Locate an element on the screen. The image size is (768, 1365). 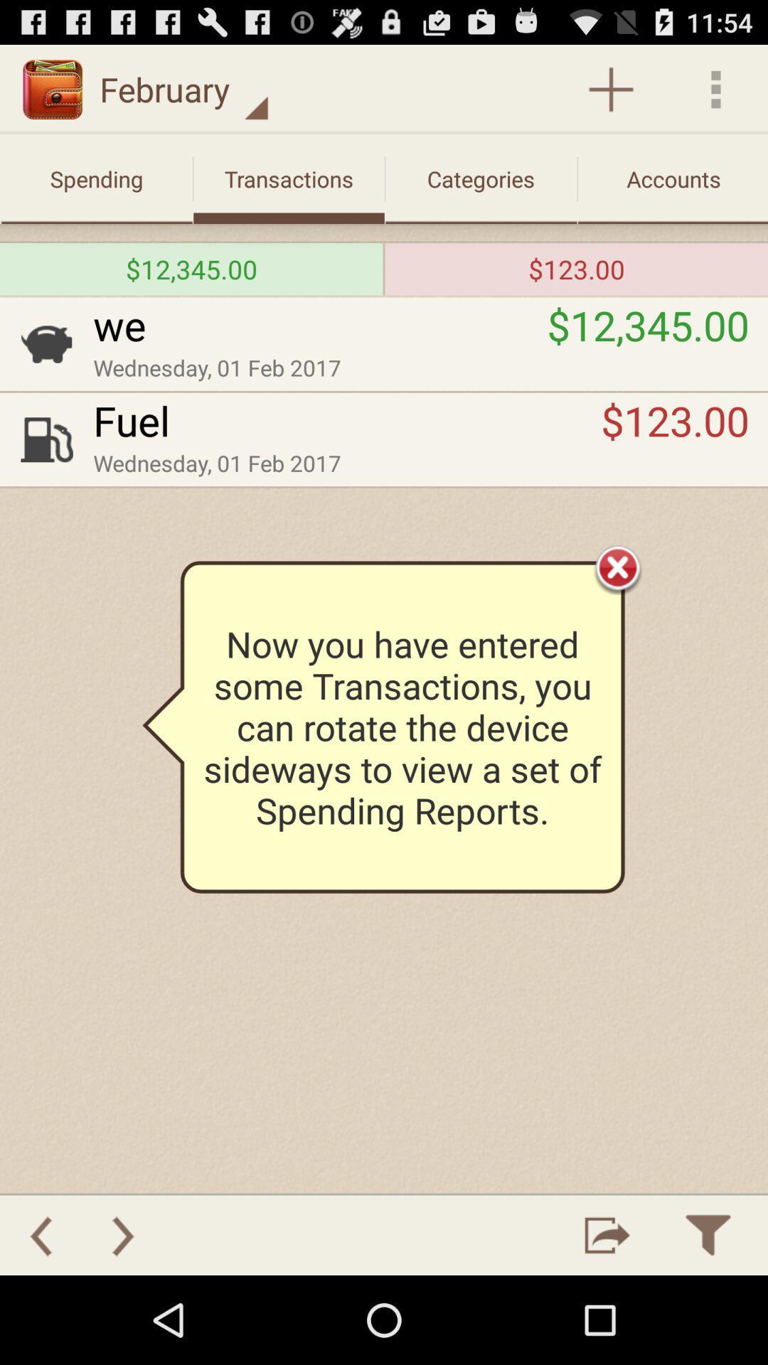
next menu is located at coordinates (122, 1234).